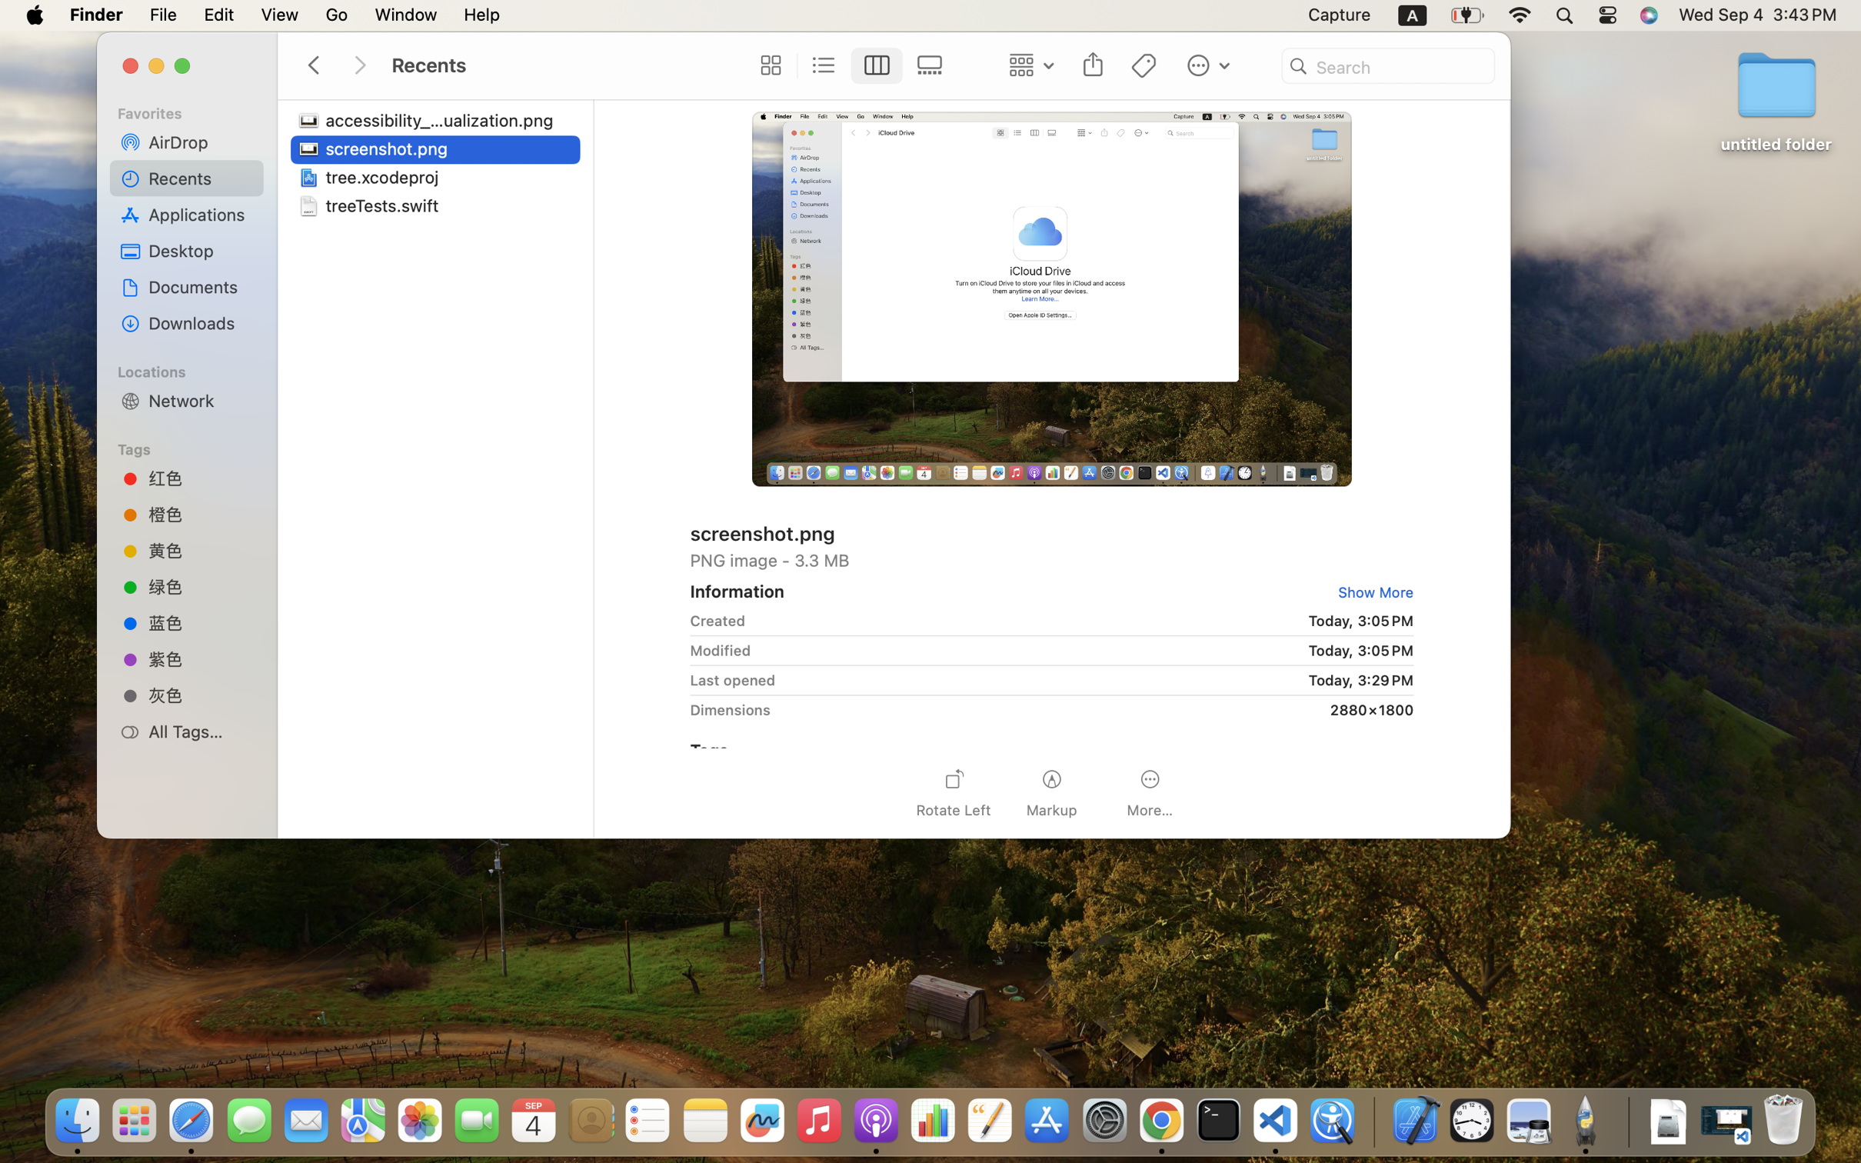 This screenshot has height=1163, width=1861. I want to click on '紫色', so click(200, 658).